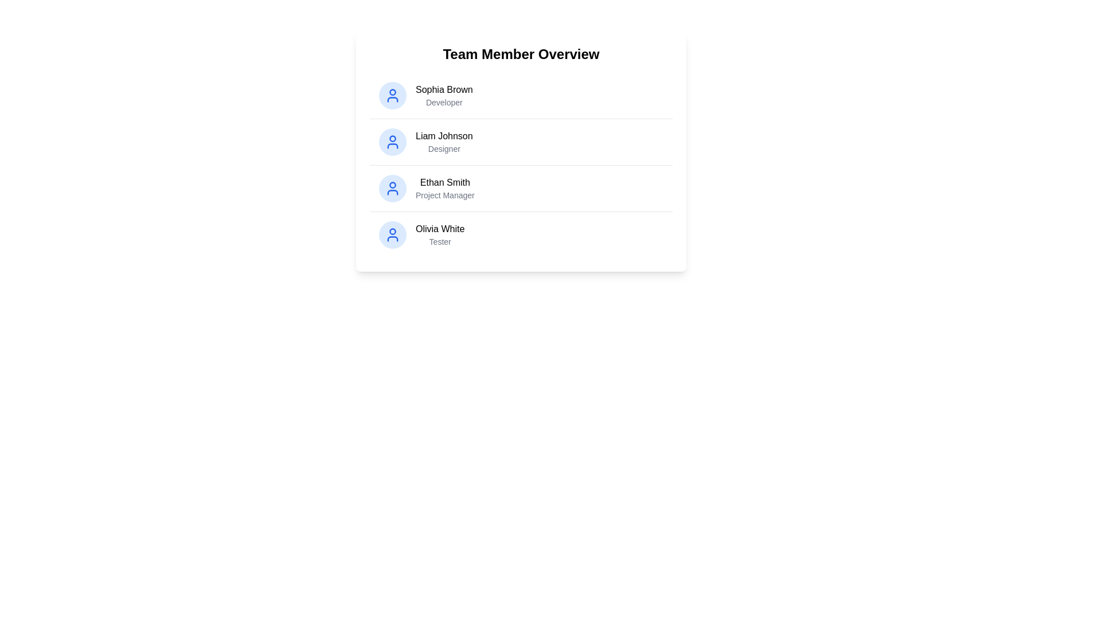 This screenshot has width=1101, height=619. I want to click on the static text label indicating the role or position of 'Ethan Smith' within the team, located beneath the bold text of his name, so click(444, 194).